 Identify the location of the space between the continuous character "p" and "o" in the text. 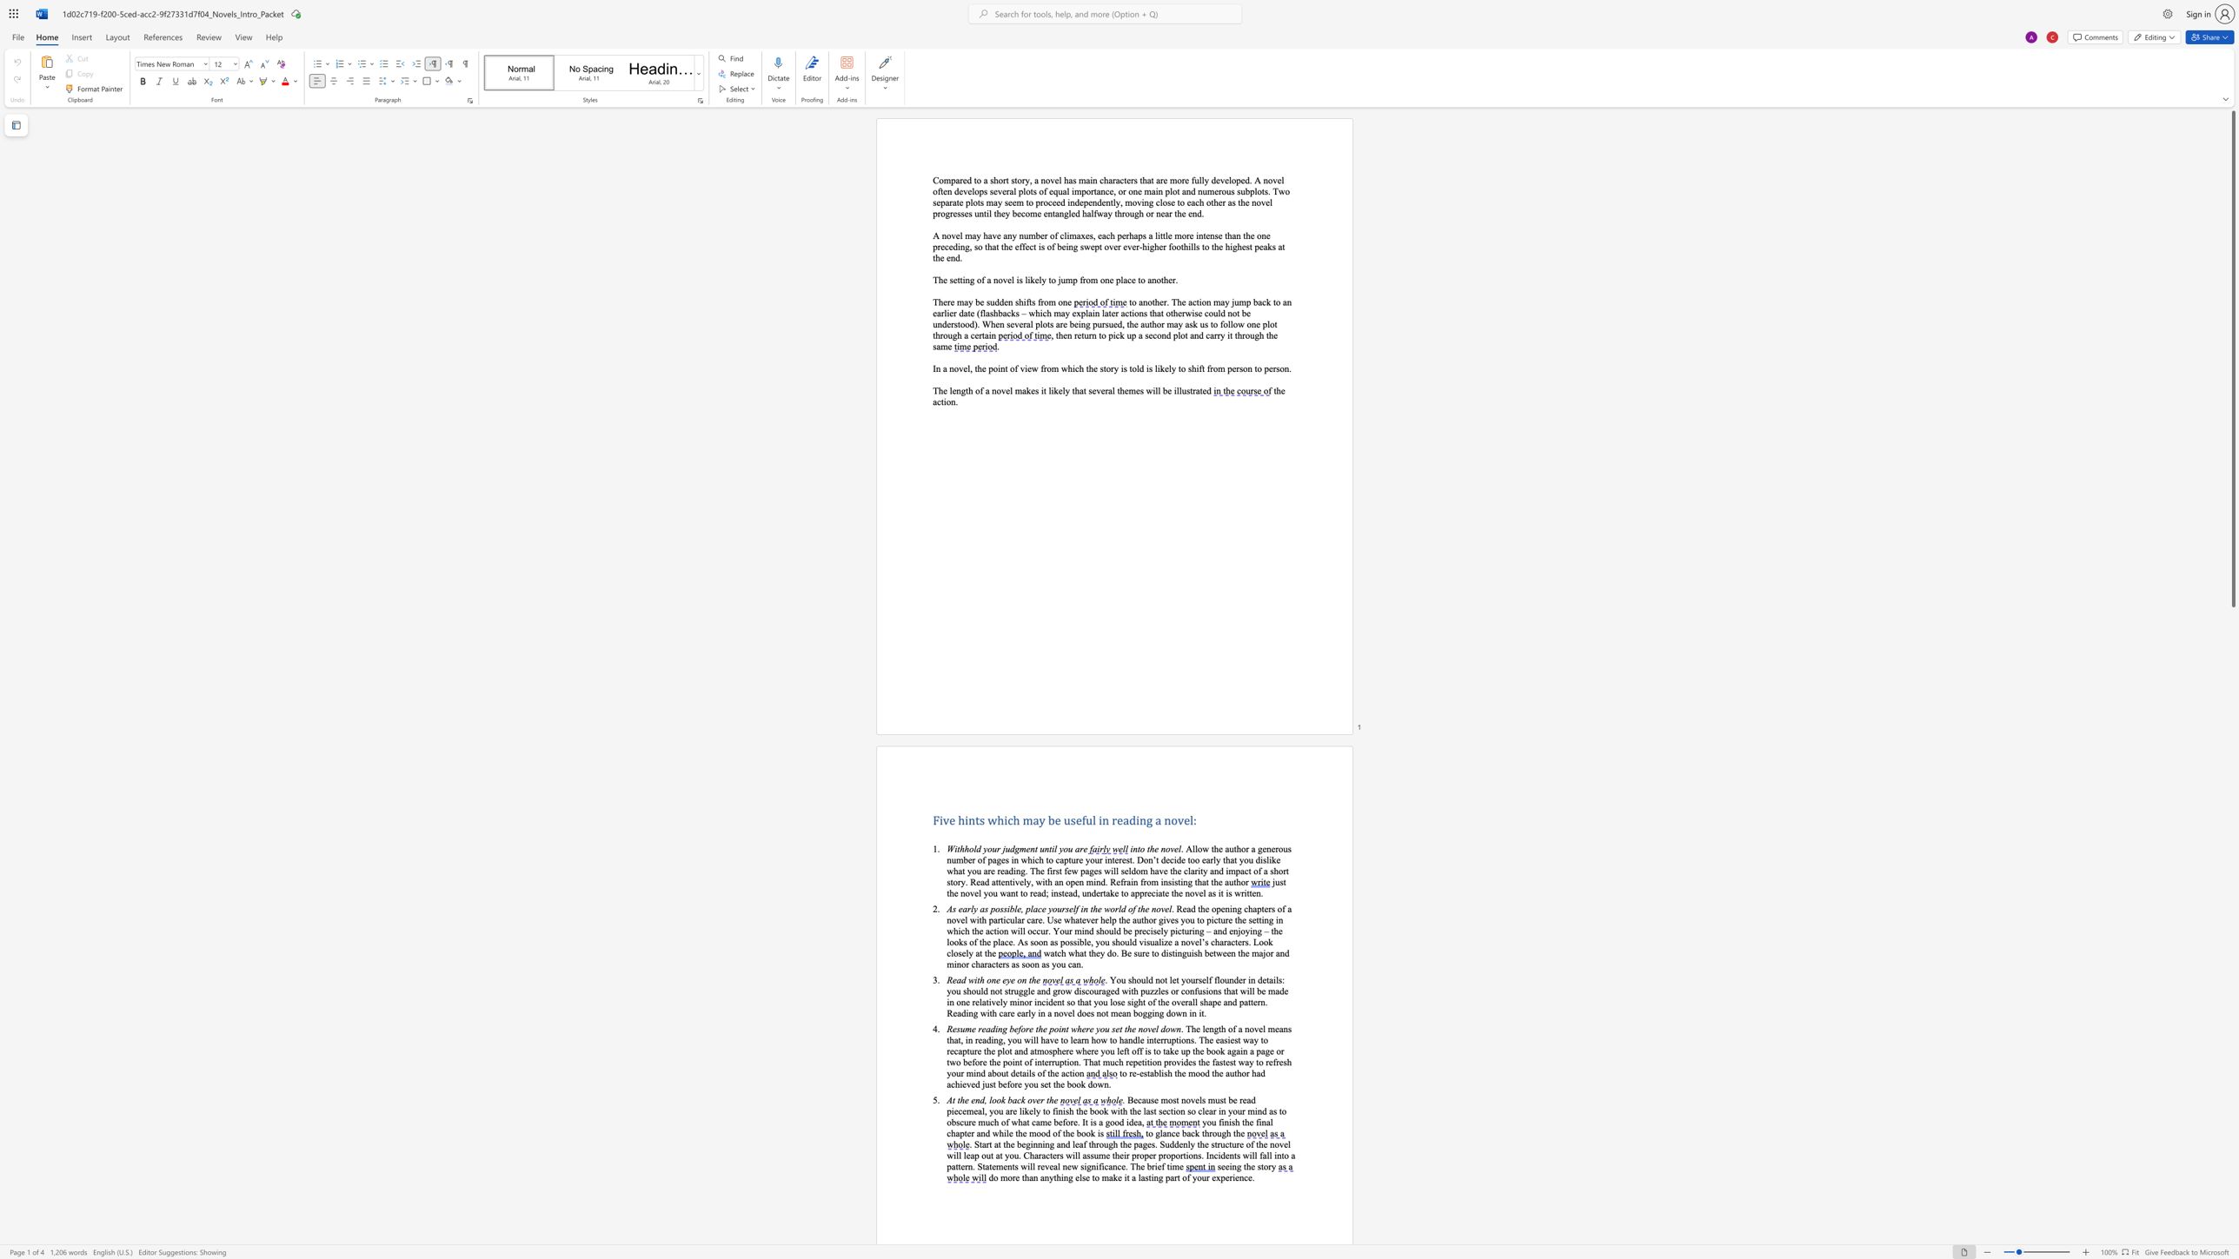
(992, 368).